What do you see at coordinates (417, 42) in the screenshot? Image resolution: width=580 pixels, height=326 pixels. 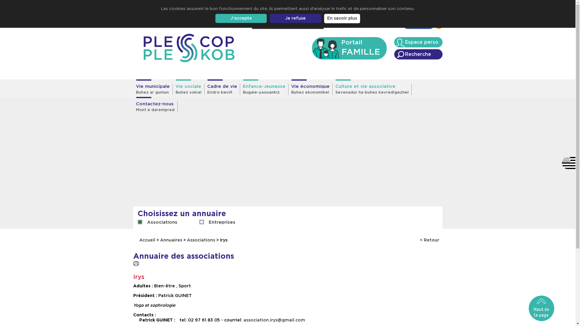 I see `'Espace perso'` at bounding box center [417, 42].